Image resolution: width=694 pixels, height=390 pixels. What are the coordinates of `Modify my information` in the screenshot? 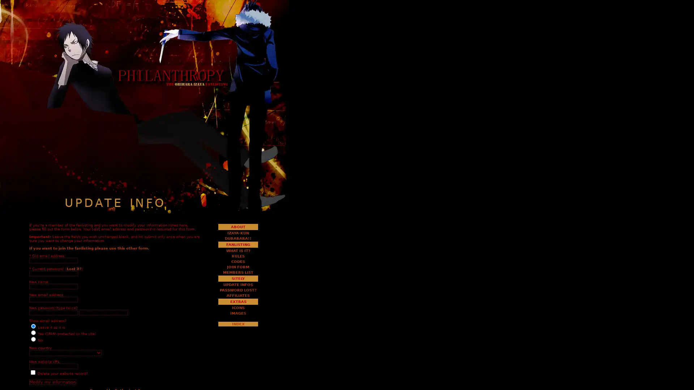 It's located at (52, 382).